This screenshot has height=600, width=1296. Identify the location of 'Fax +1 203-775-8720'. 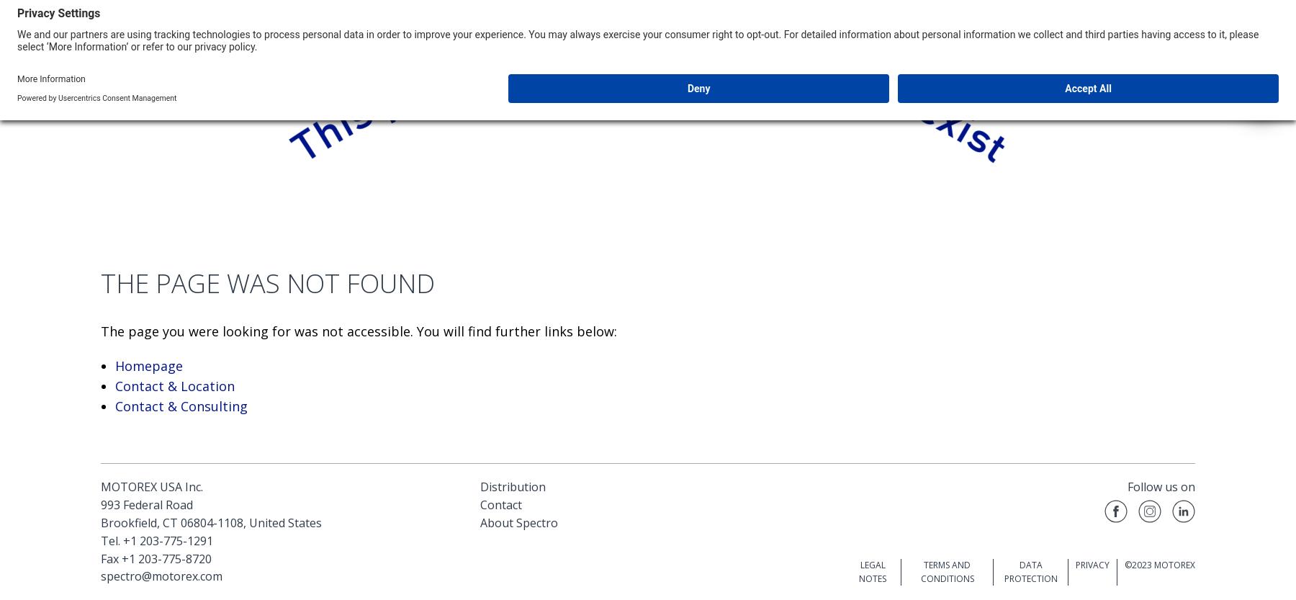
(156, 558).